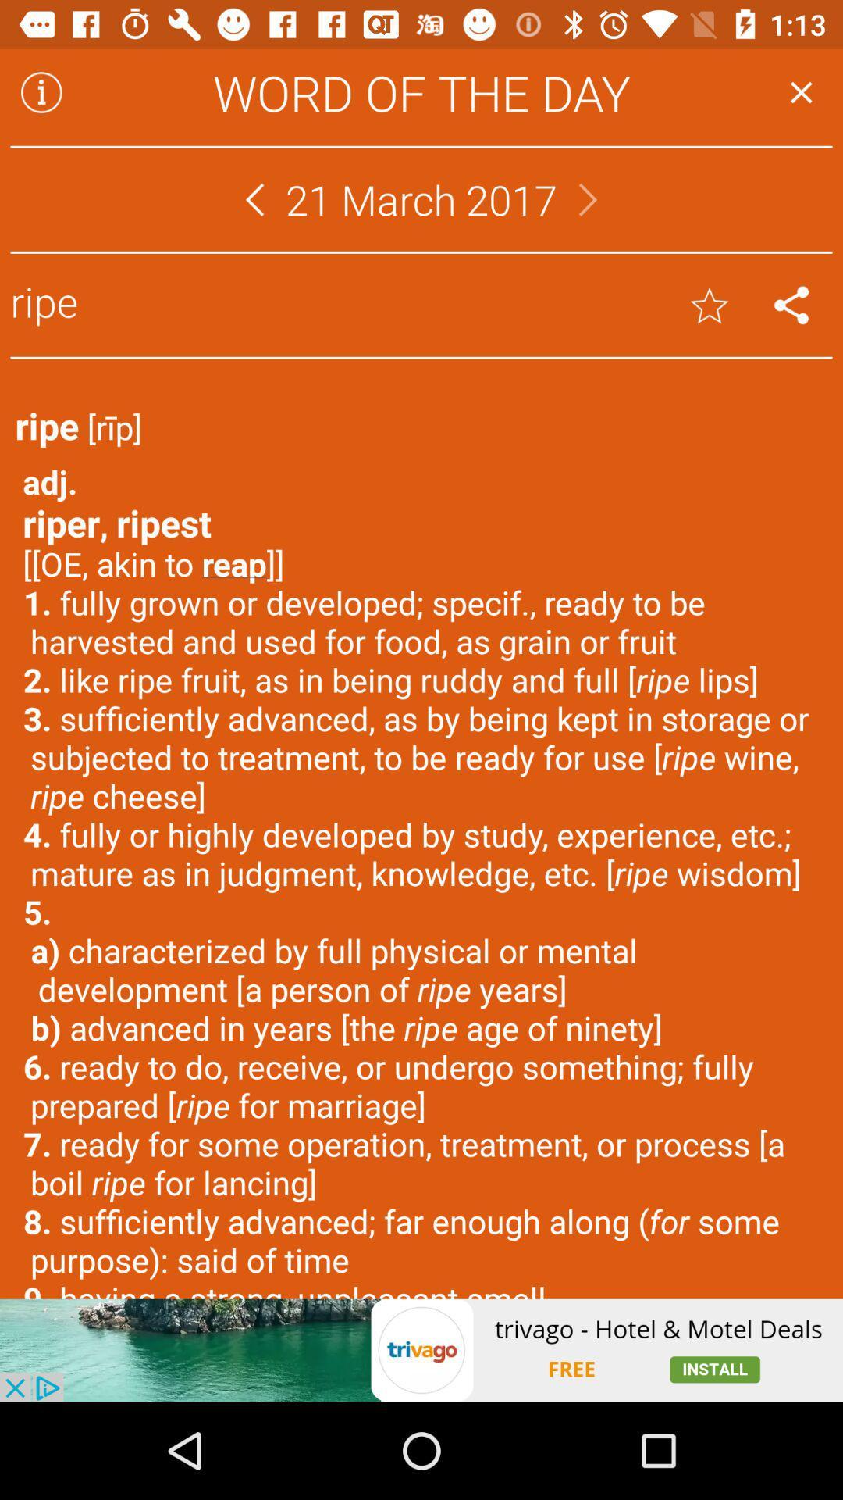 This screenshot has width=843, height=1500. What do you see at coordinates (801, 91) in the screenshot?
I see `the option` at bounding box center [801, 91].